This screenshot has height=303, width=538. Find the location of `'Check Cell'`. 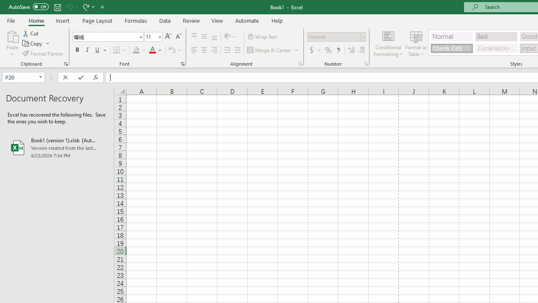

'Check Cell' is located at coordinates (451, 48).